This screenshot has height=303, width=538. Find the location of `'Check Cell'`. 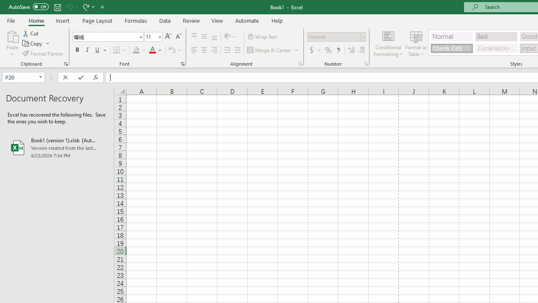

'Check Cell' is located at coordinates (451, 48).